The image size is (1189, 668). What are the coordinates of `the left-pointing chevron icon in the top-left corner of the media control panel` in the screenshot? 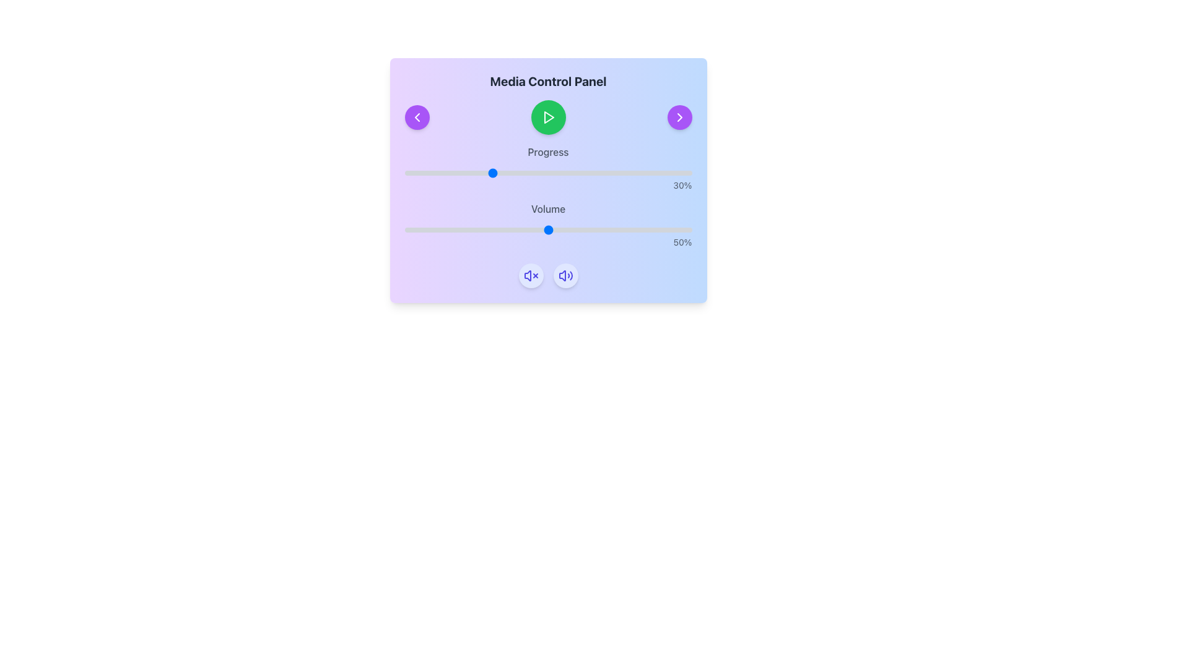 It's located at (417, 117).